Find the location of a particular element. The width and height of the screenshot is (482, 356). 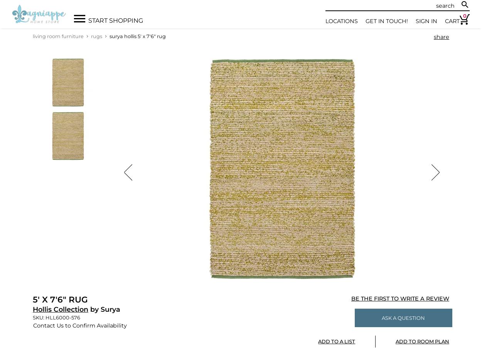

'Add To Room Plan' is located at coordinates (422, 341).